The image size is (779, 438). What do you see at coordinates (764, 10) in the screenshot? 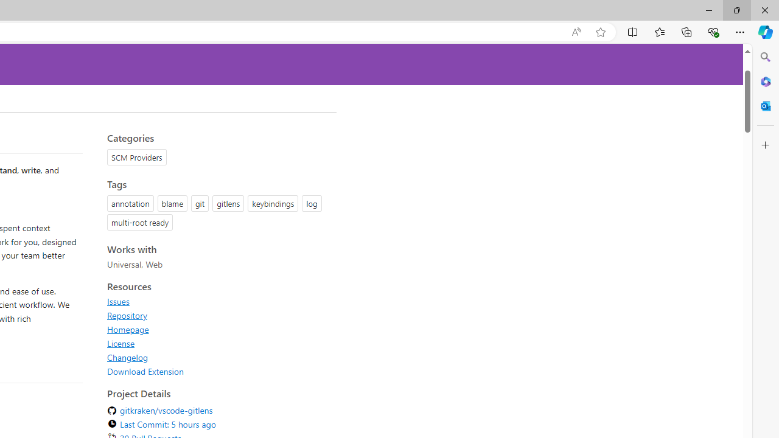
I see `'Close'` at bounding box center [764, 10].